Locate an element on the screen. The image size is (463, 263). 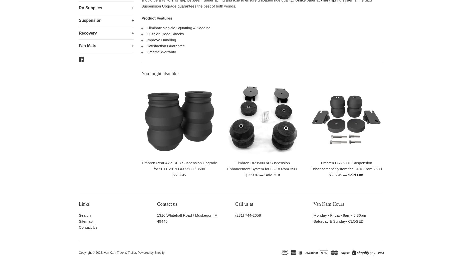
'Timbren Rear Axle SES Suspension Upgrade for 2011-2019 GM 2500 / 3500' is located at coordinates (179, 166).